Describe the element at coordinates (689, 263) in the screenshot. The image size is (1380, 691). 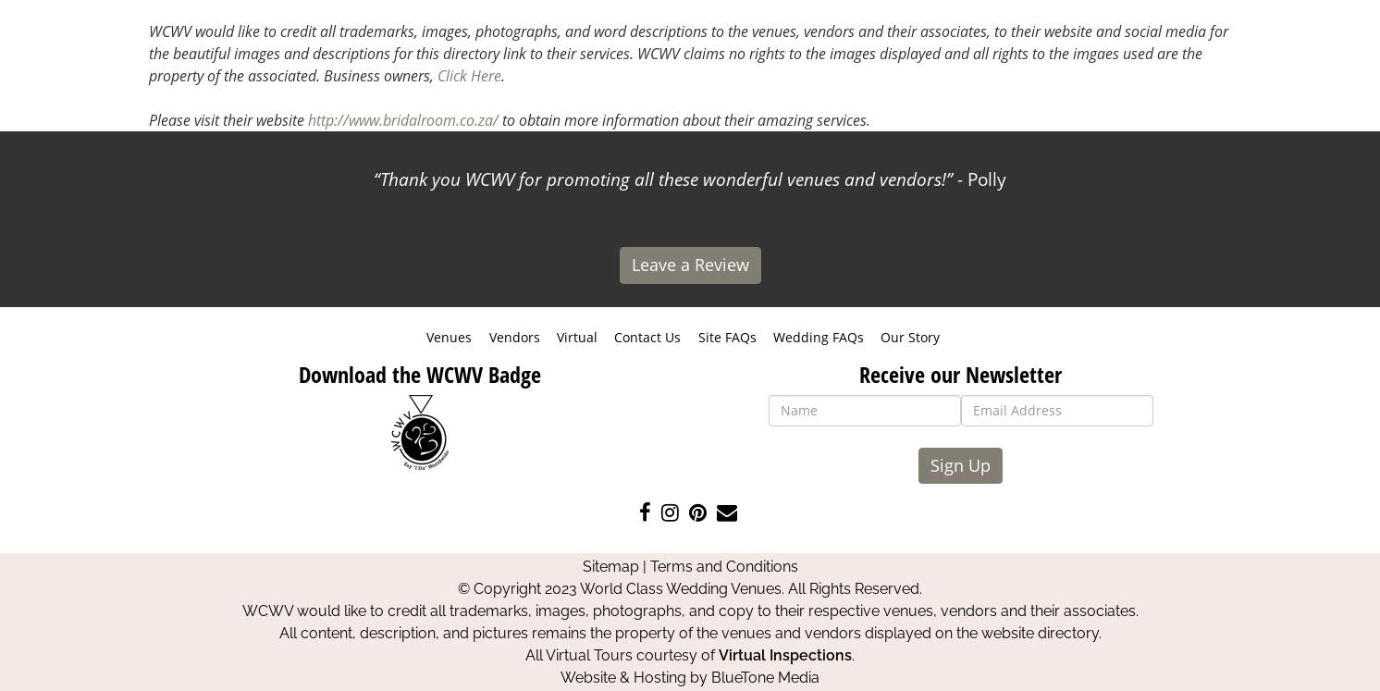
I see `'Leave a Review'` at that location.